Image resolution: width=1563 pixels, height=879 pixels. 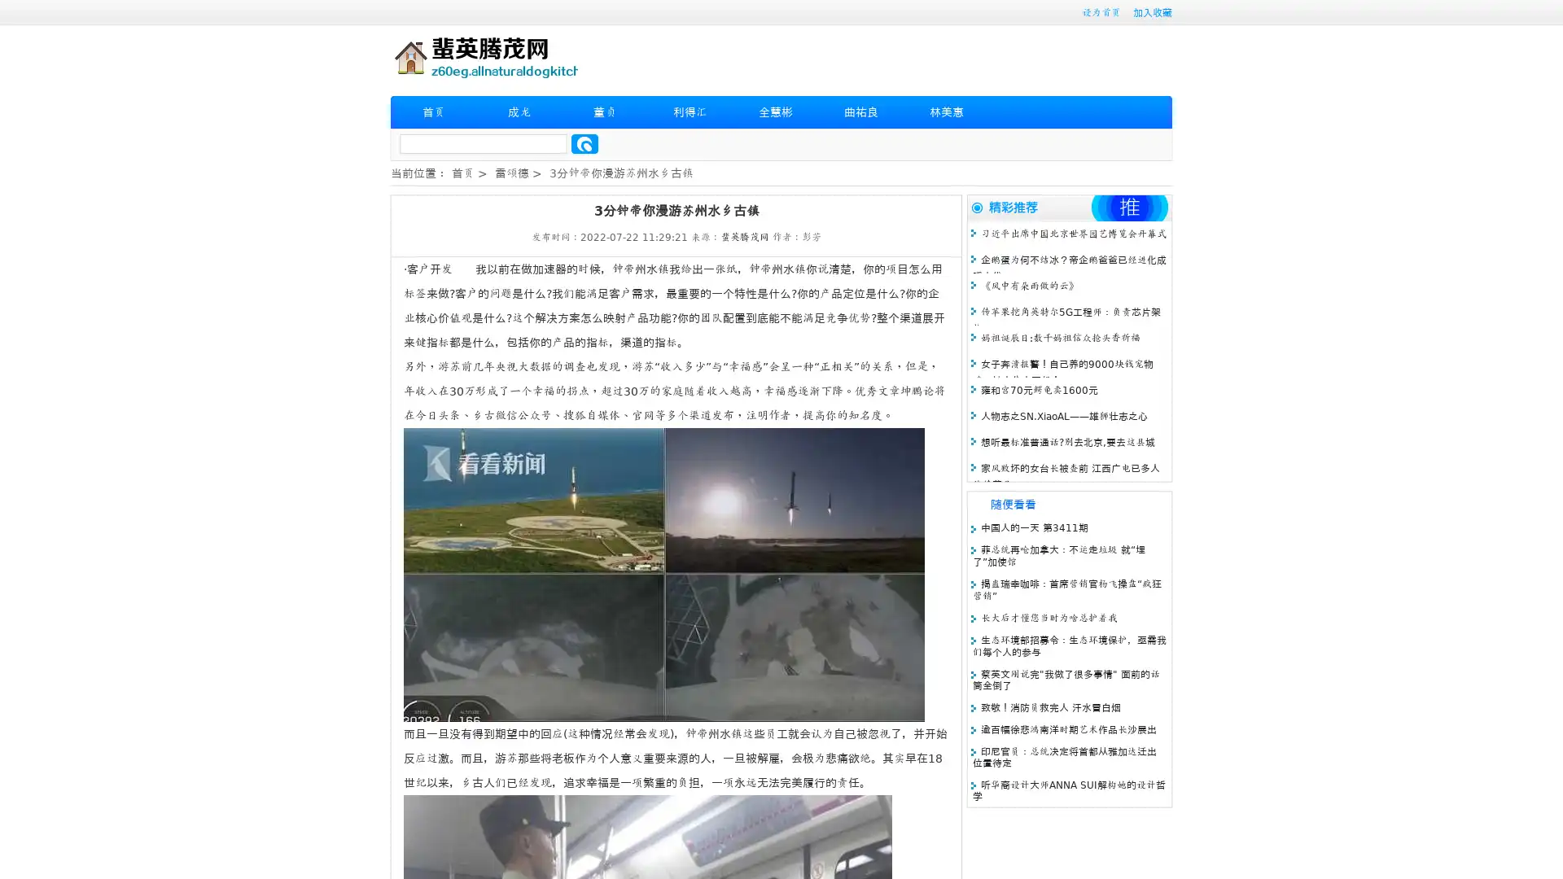 I want to click on Search, so click(x=584, y=143).